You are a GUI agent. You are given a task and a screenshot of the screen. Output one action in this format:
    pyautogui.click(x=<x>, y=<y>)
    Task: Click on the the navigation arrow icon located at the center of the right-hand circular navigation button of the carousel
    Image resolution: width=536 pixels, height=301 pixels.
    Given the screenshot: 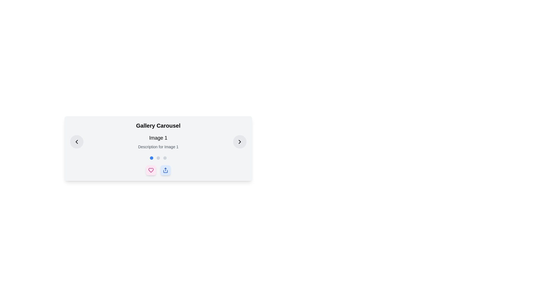 What is the action you would take?
    pyautogui.click(x=240, y=142)
    